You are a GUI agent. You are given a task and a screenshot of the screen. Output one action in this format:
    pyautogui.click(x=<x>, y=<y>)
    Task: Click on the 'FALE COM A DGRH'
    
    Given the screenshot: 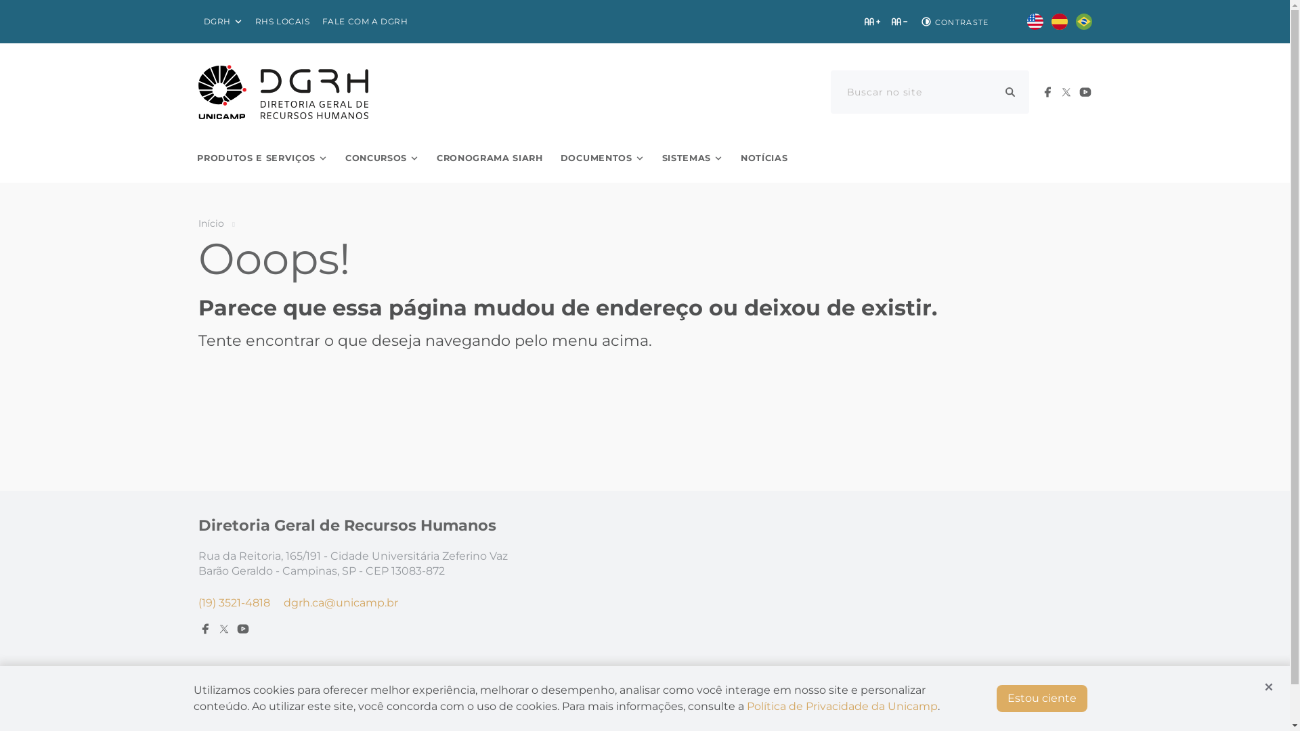 What is the action you would take?
    pyautogui.click(x=365, y=22)
    